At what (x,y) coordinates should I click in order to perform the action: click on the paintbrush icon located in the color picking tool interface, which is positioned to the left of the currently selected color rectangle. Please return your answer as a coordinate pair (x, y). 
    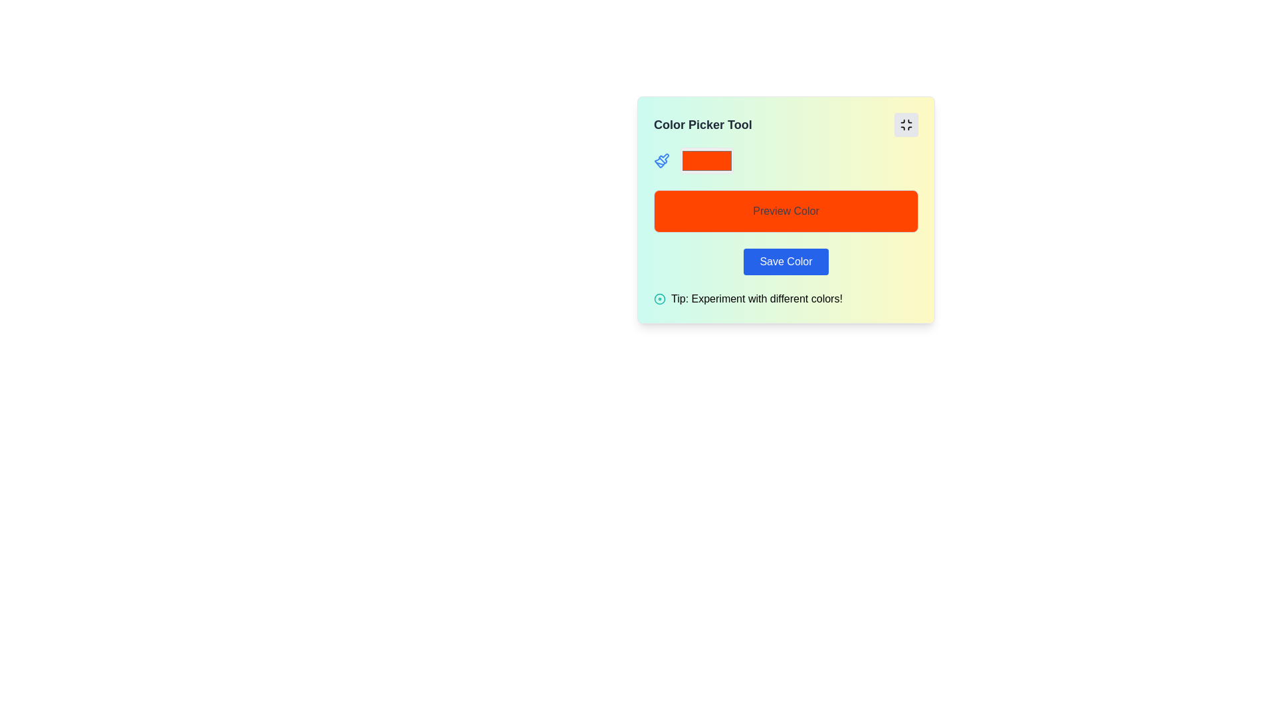
    Looking at the image, I should click on (664, 158).